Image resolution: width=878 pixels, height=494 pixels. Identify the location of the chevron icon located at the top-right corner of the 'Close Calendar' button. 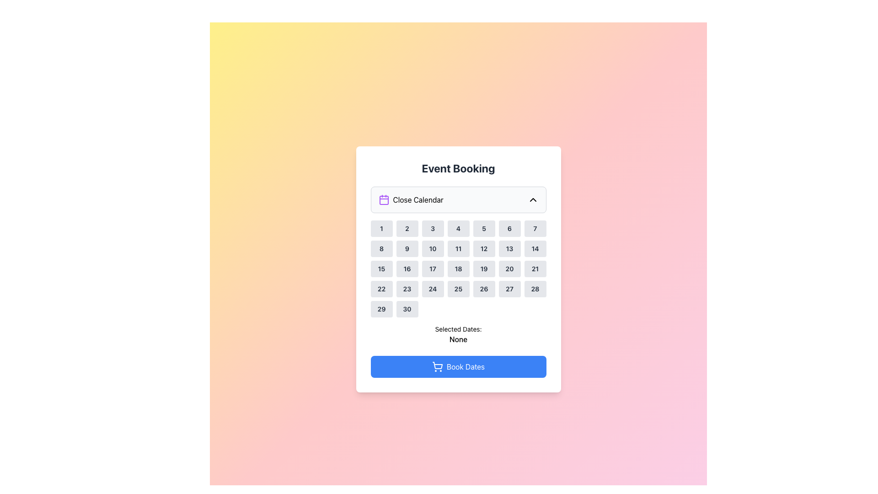
(533, 199).